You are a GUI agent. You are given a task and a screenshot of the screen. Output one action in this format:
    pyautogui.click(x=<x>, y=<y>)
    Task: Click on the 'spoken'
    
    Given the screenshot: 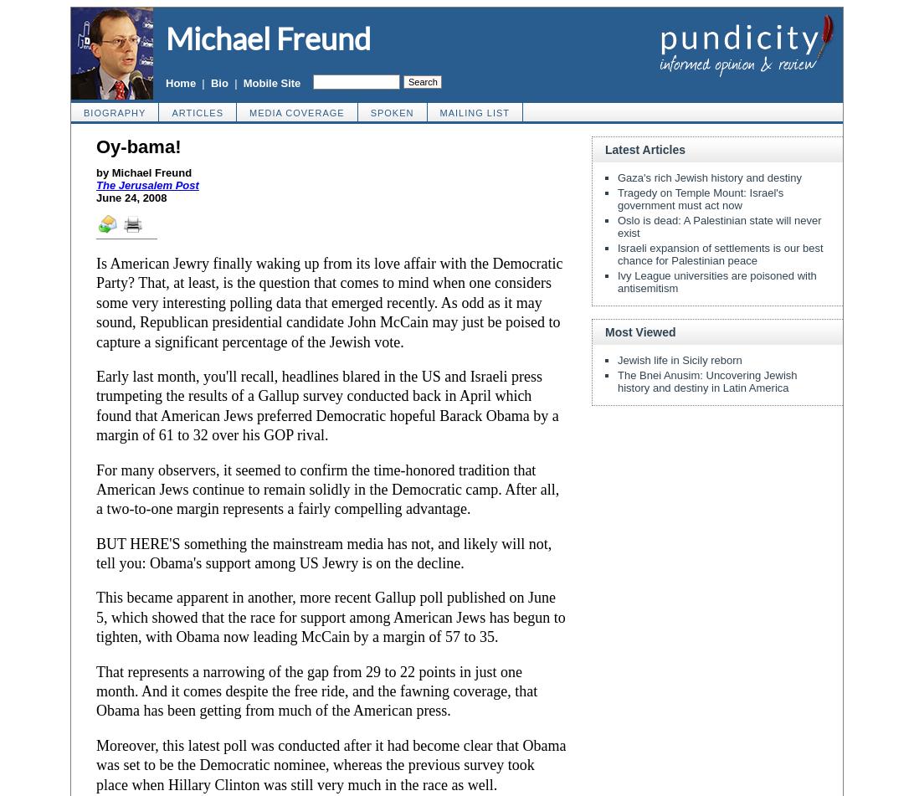 What is the action you would take?
    pyautogui.click(x=392, y=113)
    